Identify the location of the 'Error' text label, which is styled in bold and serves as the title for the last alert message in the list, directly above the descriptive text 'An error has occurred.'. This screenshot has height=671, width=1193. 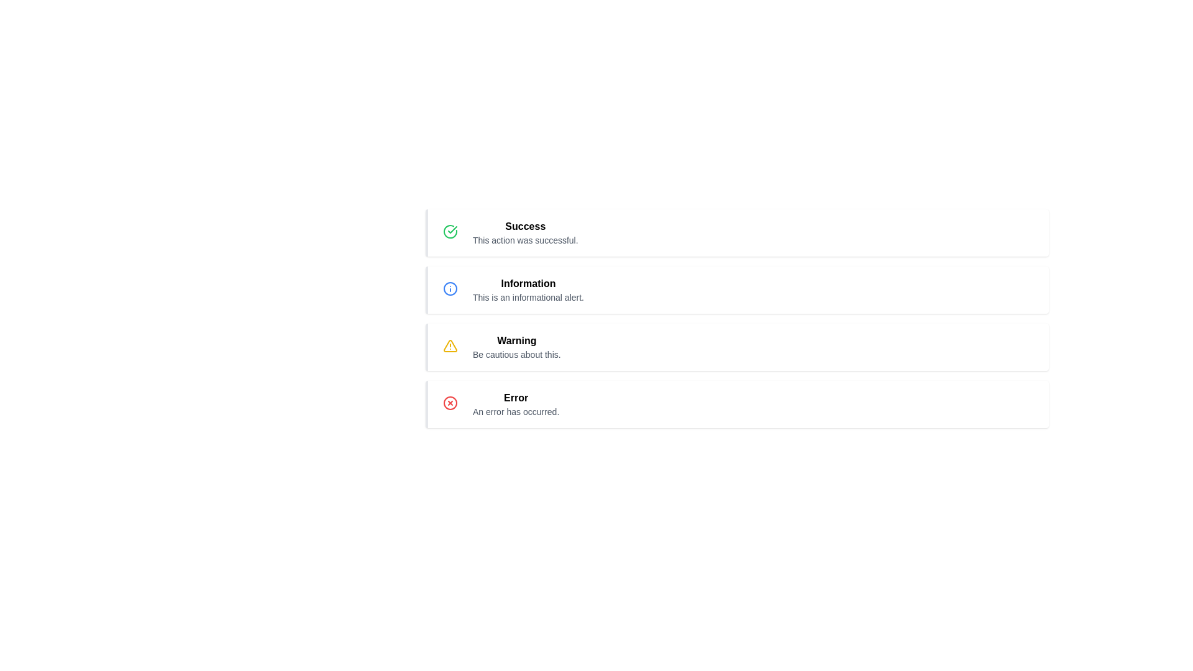
(516, 398).